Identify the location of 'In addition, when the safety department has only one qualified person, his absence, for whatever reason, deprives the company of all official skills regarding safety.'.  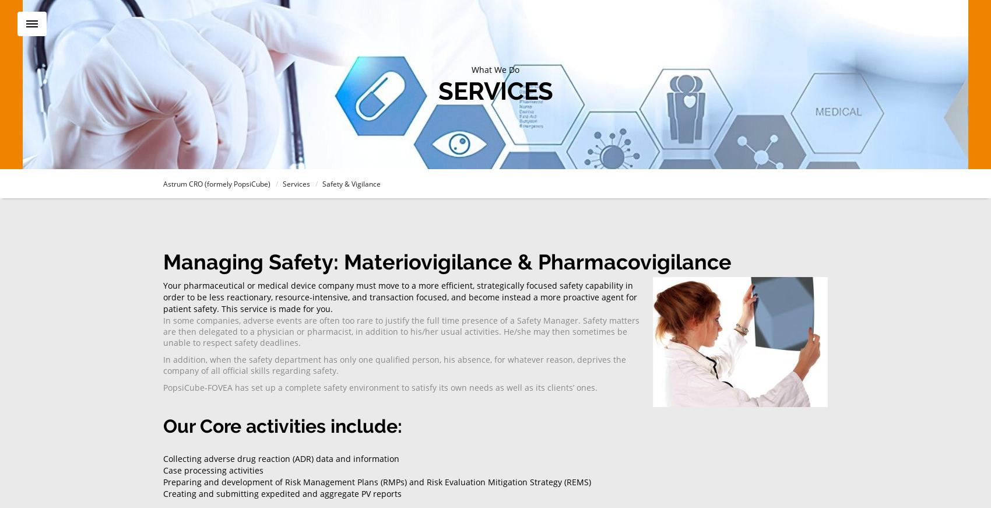
(394, 364).